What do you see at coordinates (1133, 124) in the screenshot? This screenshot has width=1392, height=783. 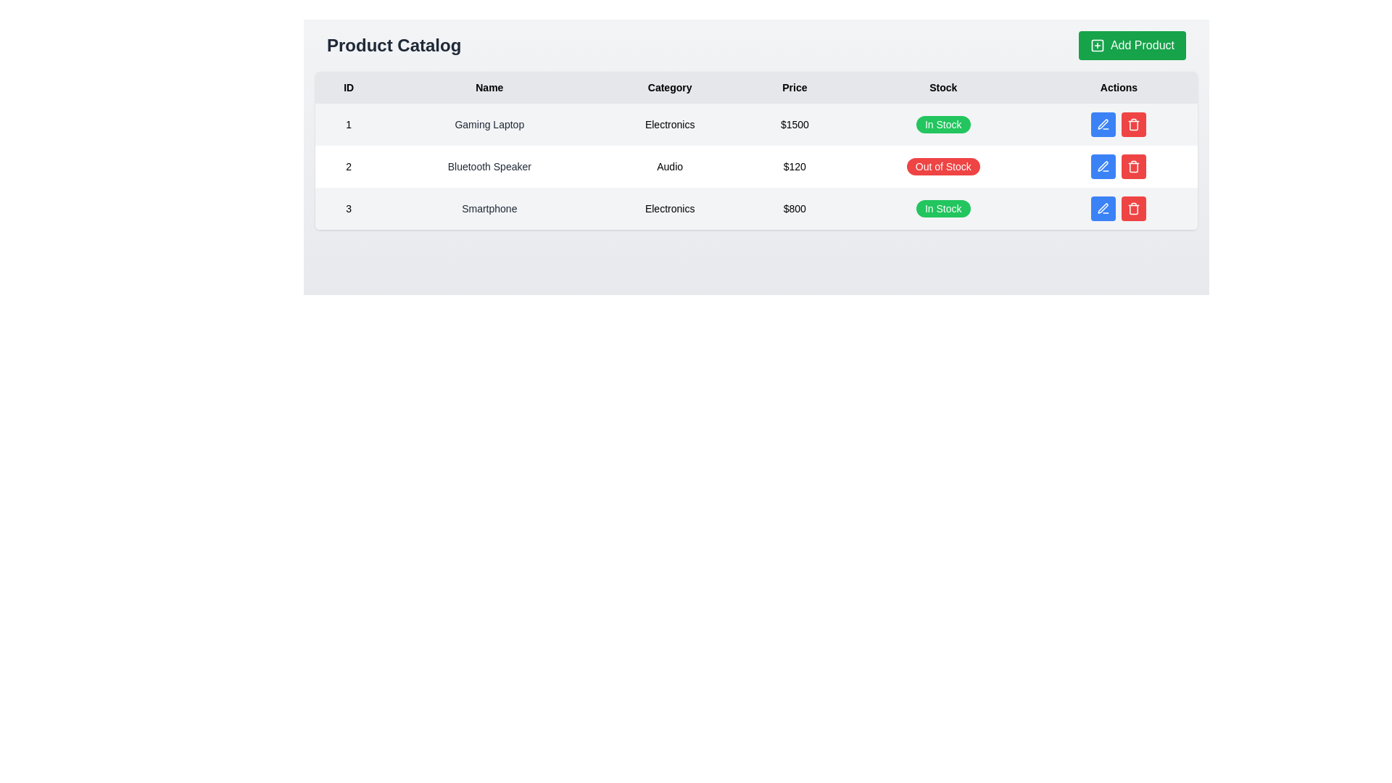 I see `the delete button for the 'Bluetooth Speaker' product entry, which is the second button from the right in the 'Actions' column of the table's second row` at bounding box center [1133, 124].